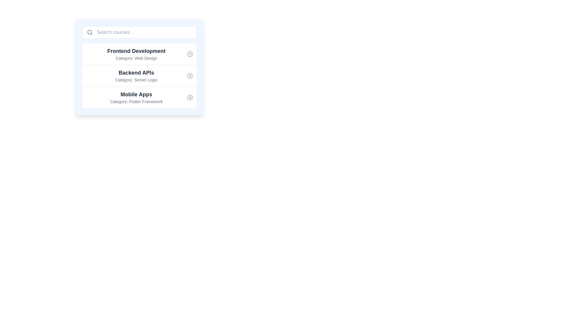 This screenshot has width=570, height=321. I want to click on the informational label for the category 'Backend APIs', which is the second item in a vertical list of elements, positioned between 'Frontend Development' and 'Mobile Apps', so click(136, 75).